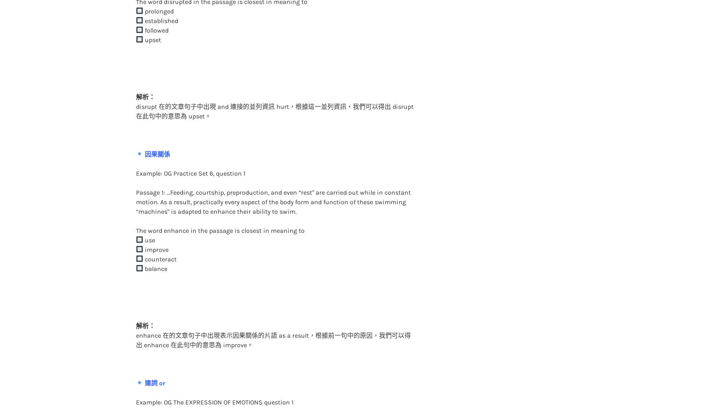  I want to click on 'use', so click(148, 223).